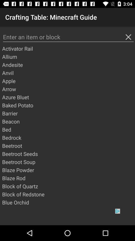  What do you see at coordinates (68, 37) in the screenshot?
I see `search bar` at bounding box center [68, 37].